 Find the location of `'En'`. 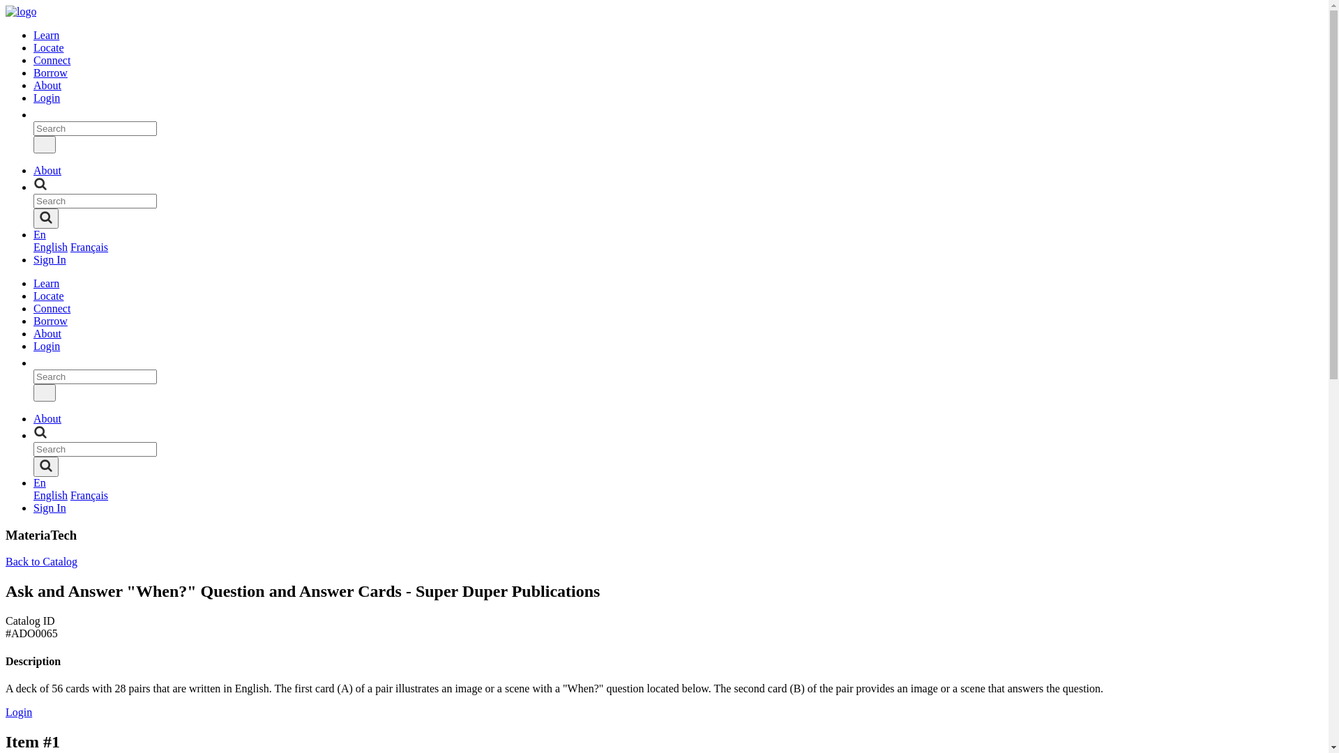

'En' is located at coordinates (33, 234).